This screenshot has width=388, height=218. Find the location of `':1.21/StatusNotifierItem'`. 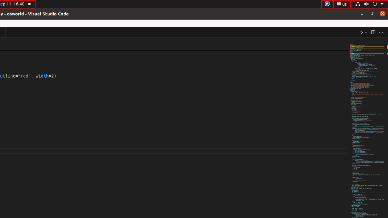

':1.21/StatusNotifierItem' is located at coordinates (342, 4).